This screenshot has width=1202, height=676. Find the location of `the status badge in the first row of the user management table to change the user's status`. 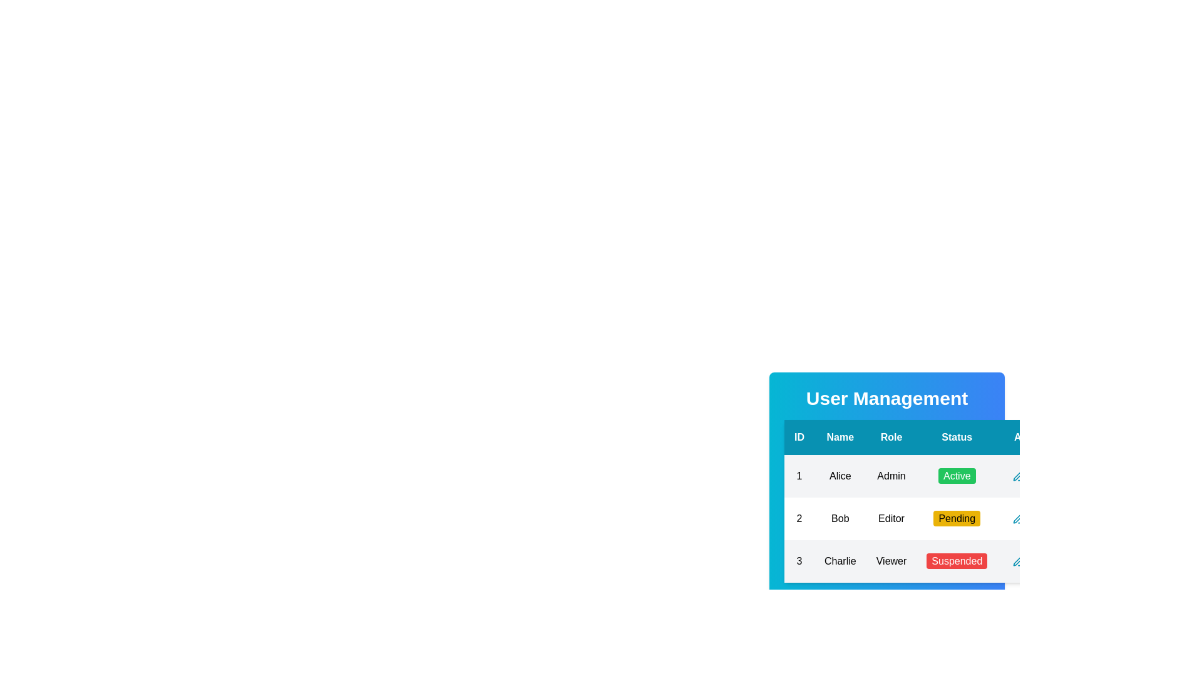

the status badge in the first row of the user management table to change the user's status is located at coordinates (926, 476).